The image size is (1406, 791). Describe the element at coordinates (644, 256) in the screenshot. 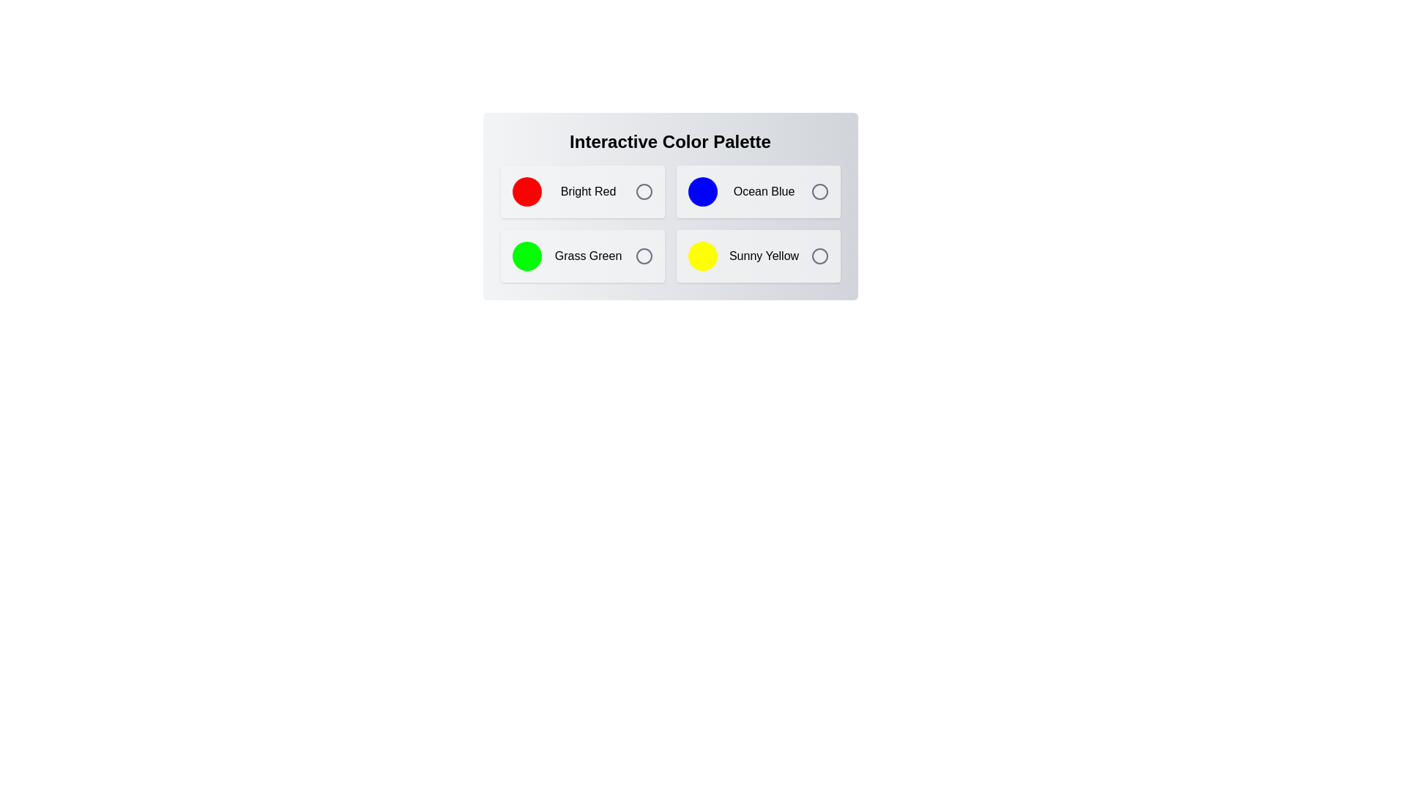

I see `the color Grass Green by clicking its corresponding icon` at that location.